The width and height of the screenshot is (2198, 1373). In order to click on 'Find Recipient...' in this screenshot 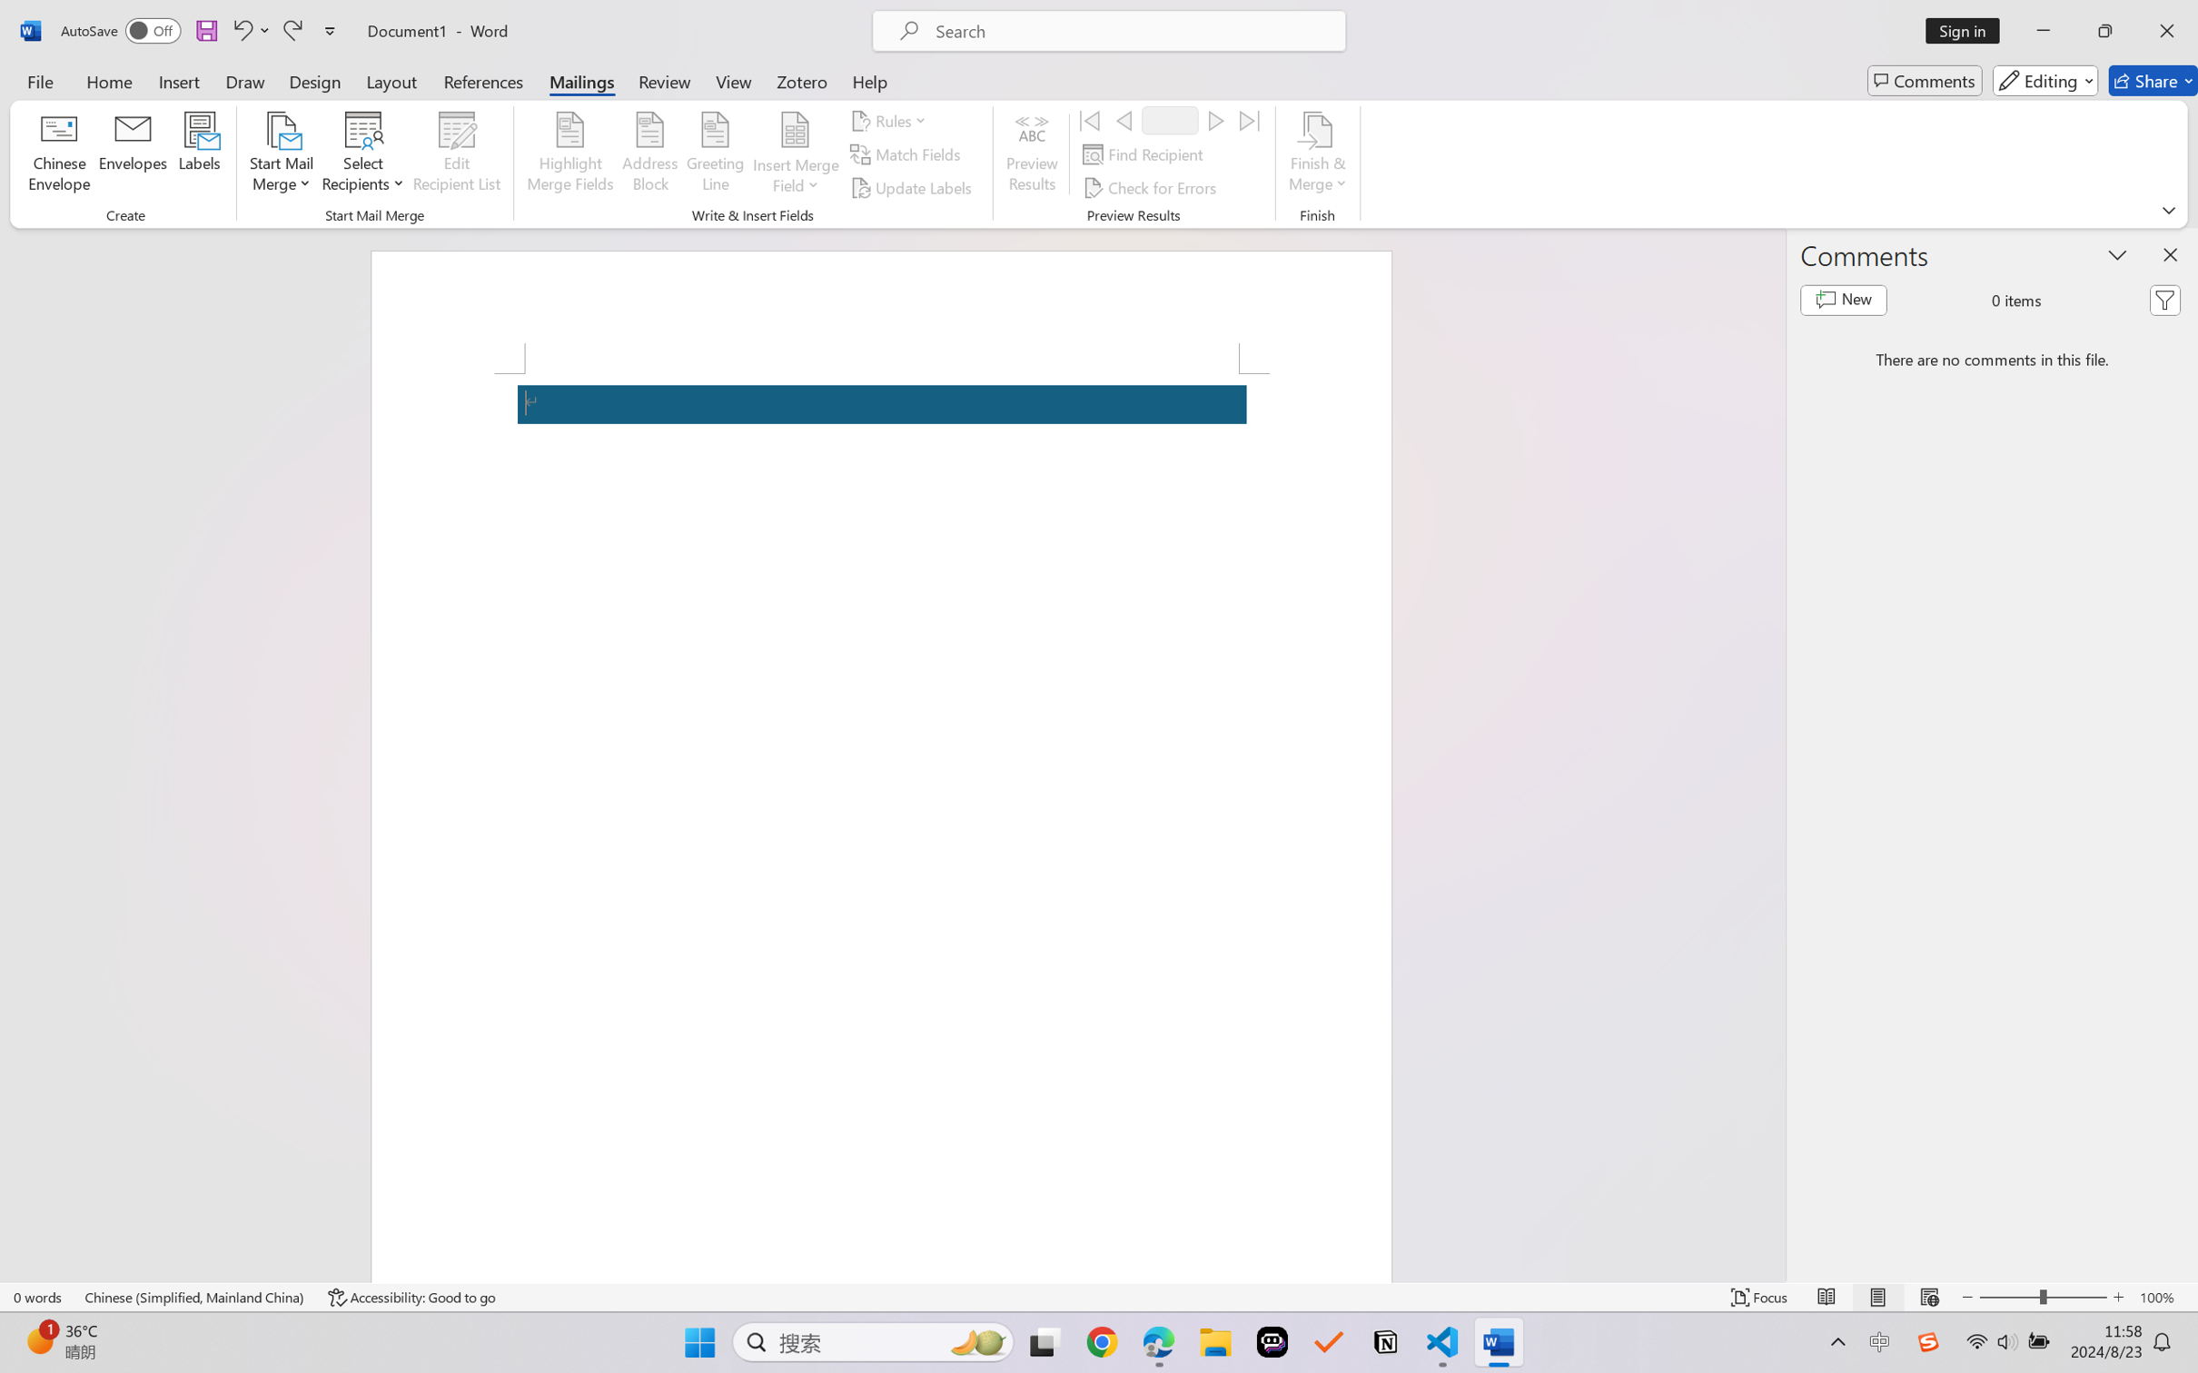, I will do `click(1144, 154)`.